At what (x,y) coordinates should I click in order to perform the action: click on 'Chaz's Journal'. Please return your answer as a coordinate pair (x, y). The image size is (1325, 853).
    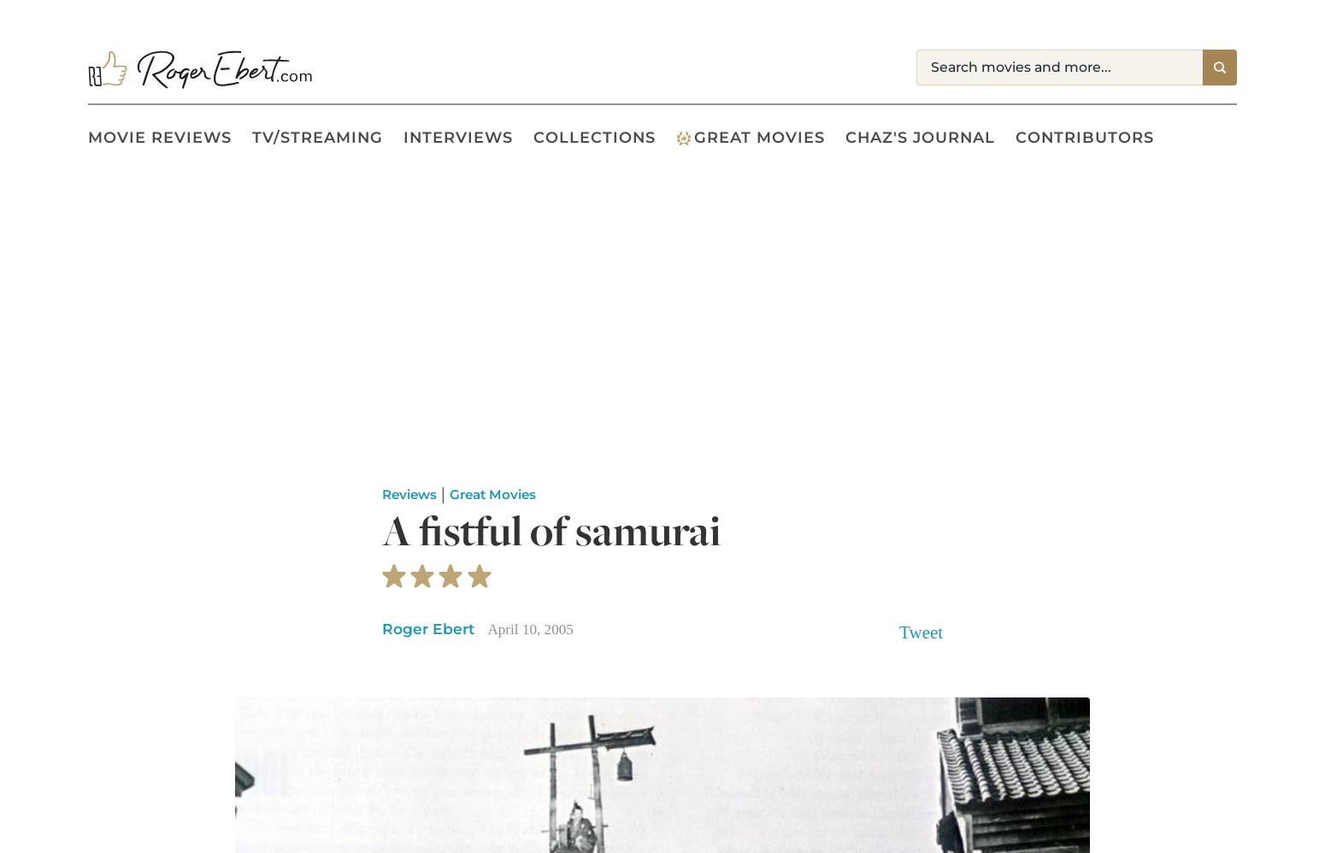
    Looking at the image, I should click on (919, 136).